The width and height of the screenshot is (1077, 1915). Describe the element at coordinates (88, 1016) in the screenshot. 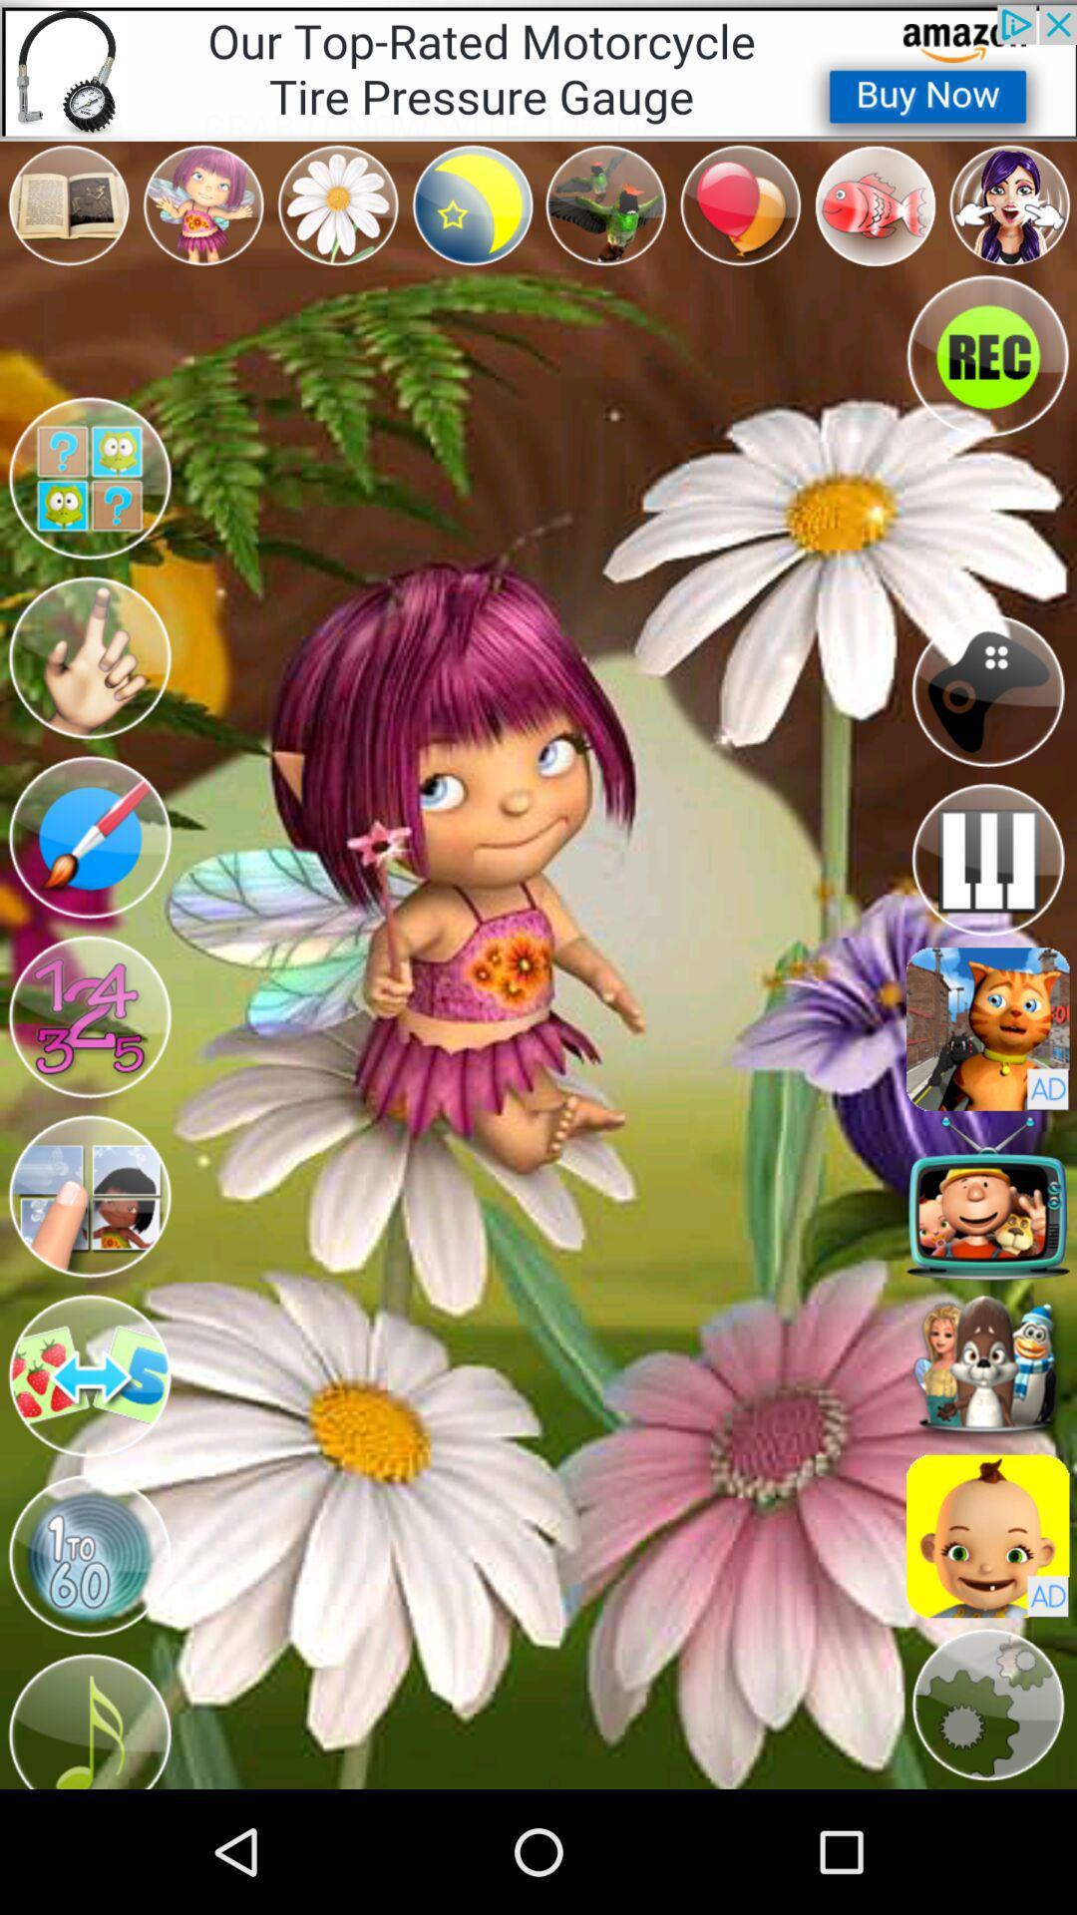

I see `numbers switch option` at that location.